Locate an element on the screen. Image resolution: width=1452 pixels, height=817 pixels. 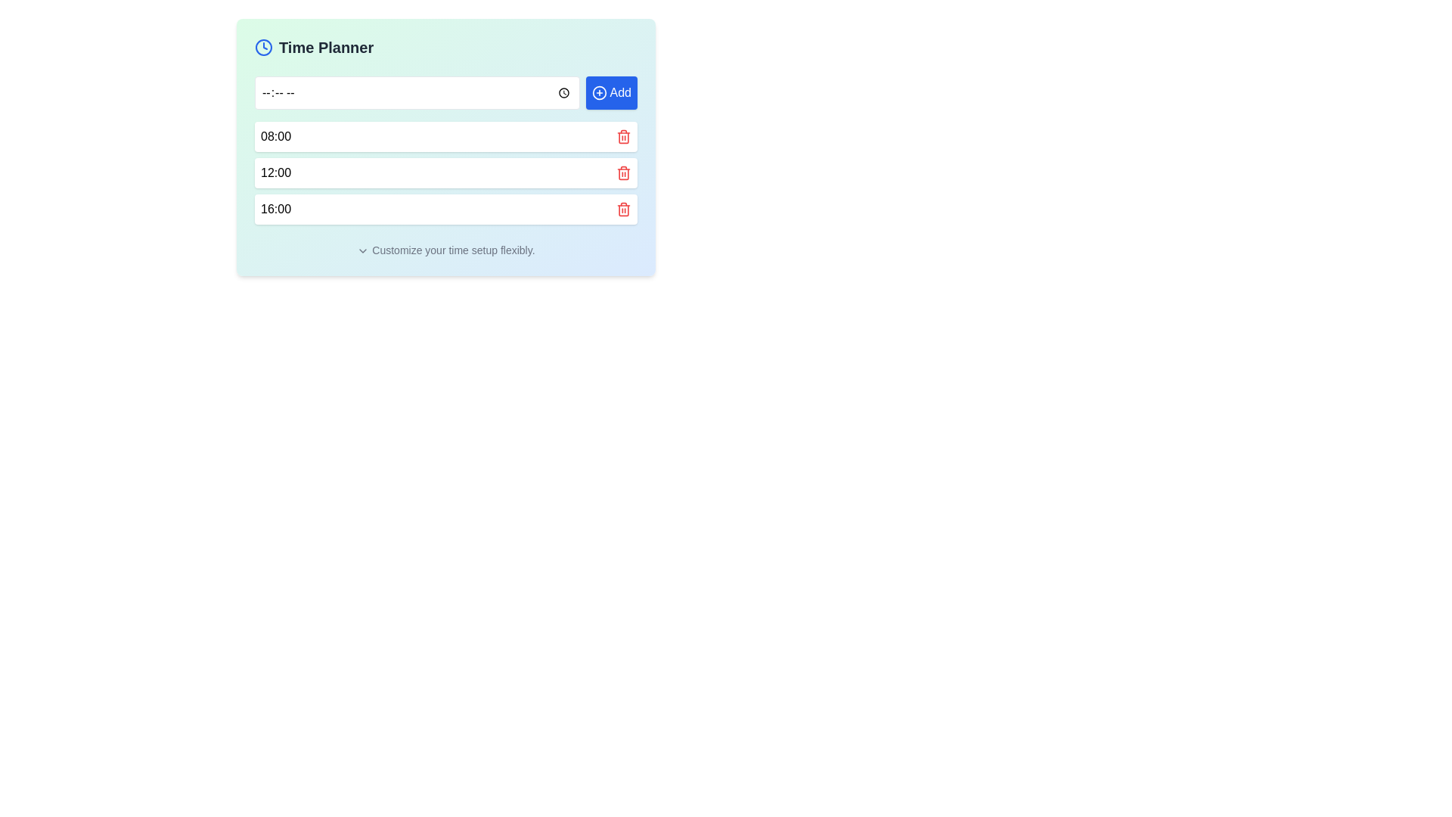
the 'Add' icon located on the left side of the button labeled 'Add' in the upper-right corner of the 'Time Planner' interface is located at coordinates (598, 93).